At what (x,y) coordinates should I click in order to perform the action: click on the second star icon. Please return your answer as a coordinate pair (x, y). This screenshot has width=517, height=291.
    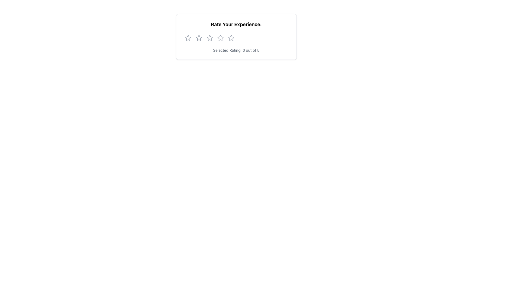
    Looking at the image, I should click on (198, 38).